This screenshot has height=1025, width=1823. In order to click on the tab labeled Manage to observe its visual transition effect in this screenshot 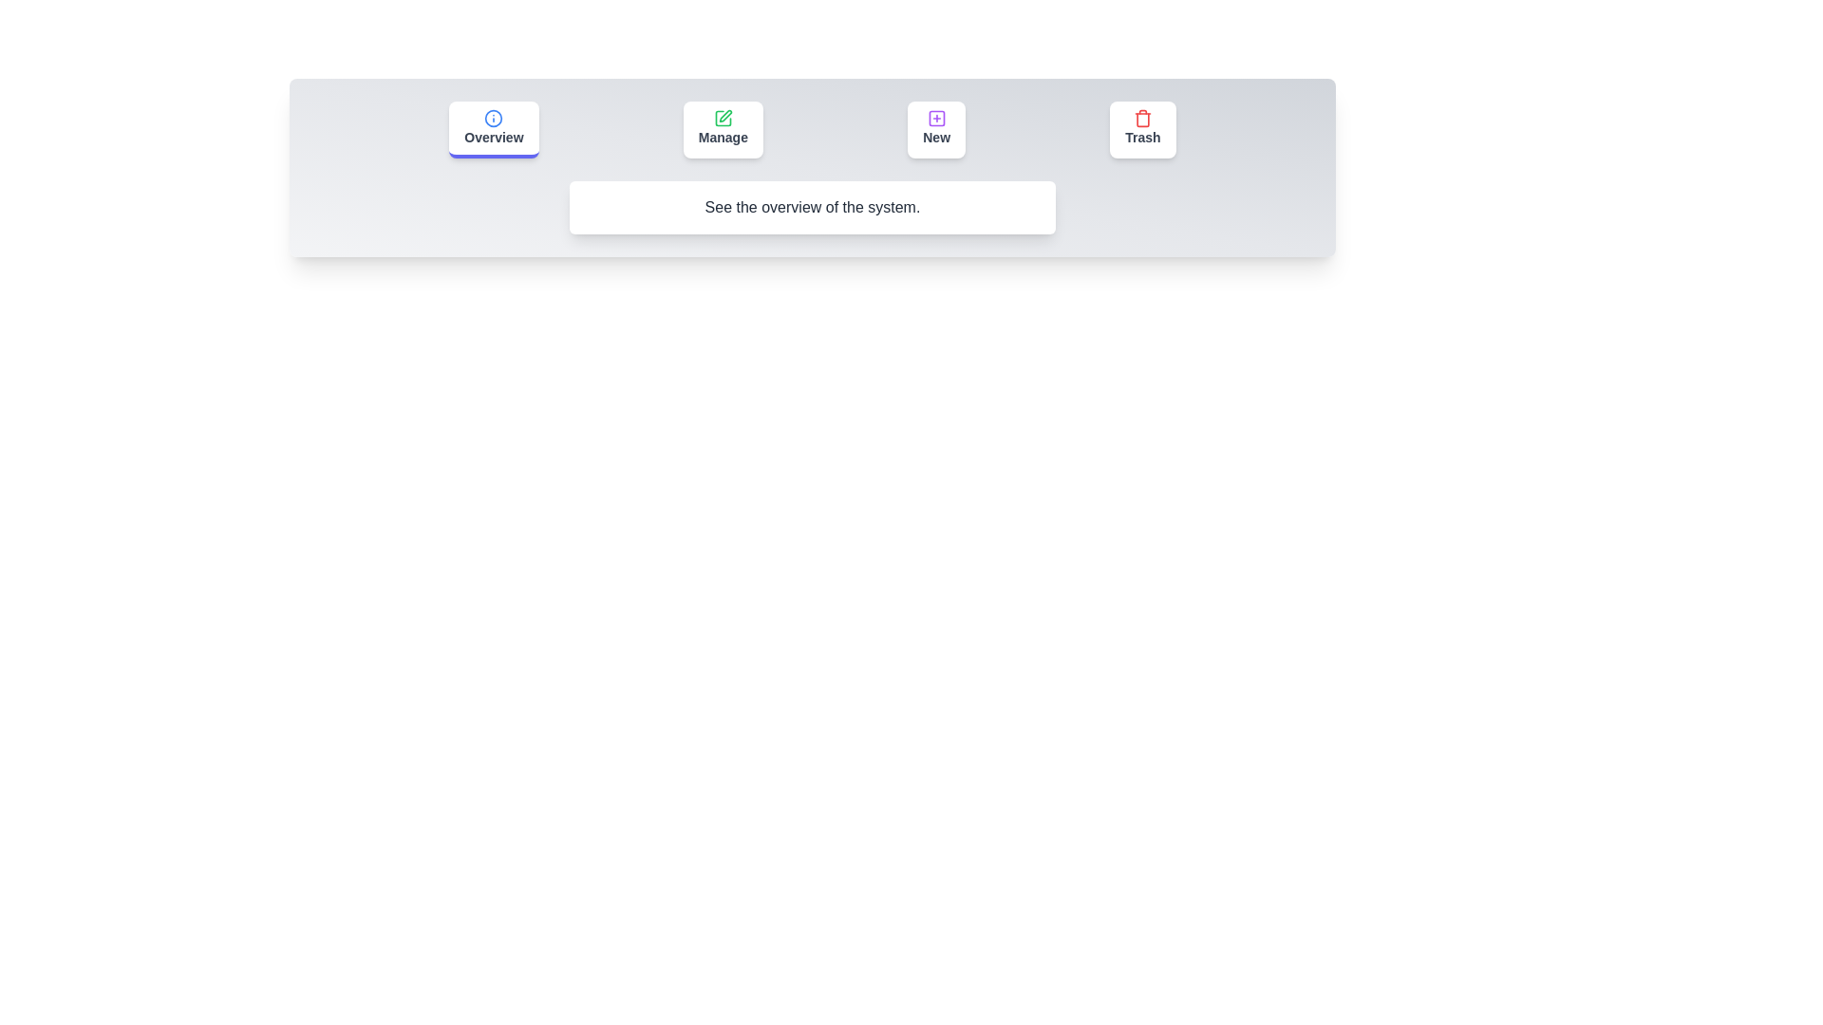, I will do `click(722, 129)`.